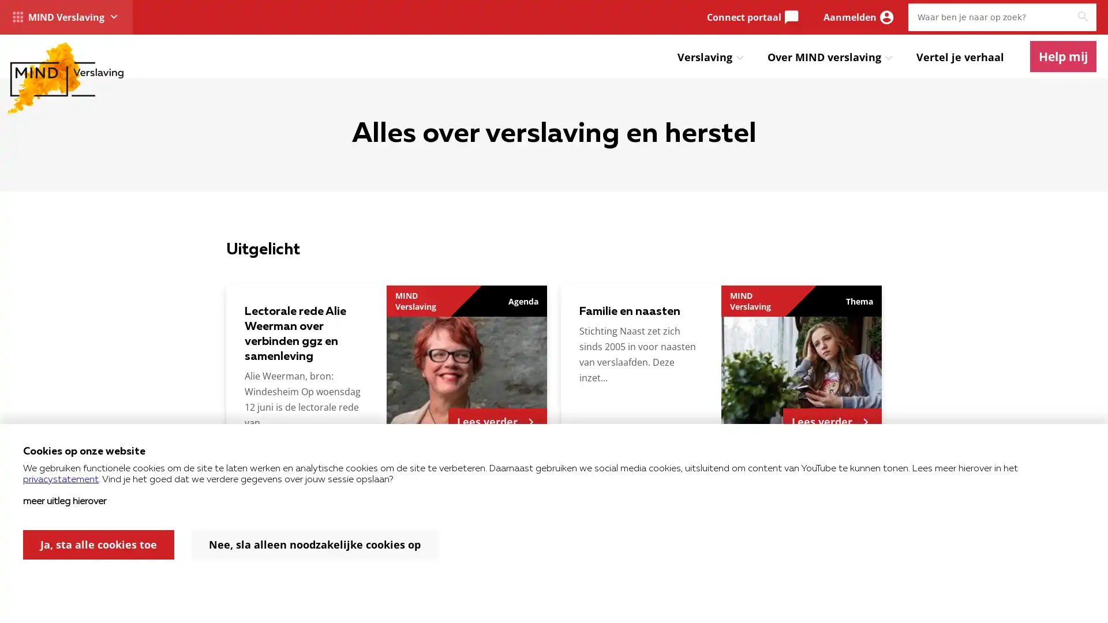  Describe the element at coordinates (99, 545) in the screenshot. I see `Ja, sta alle cookies toe` at that location.